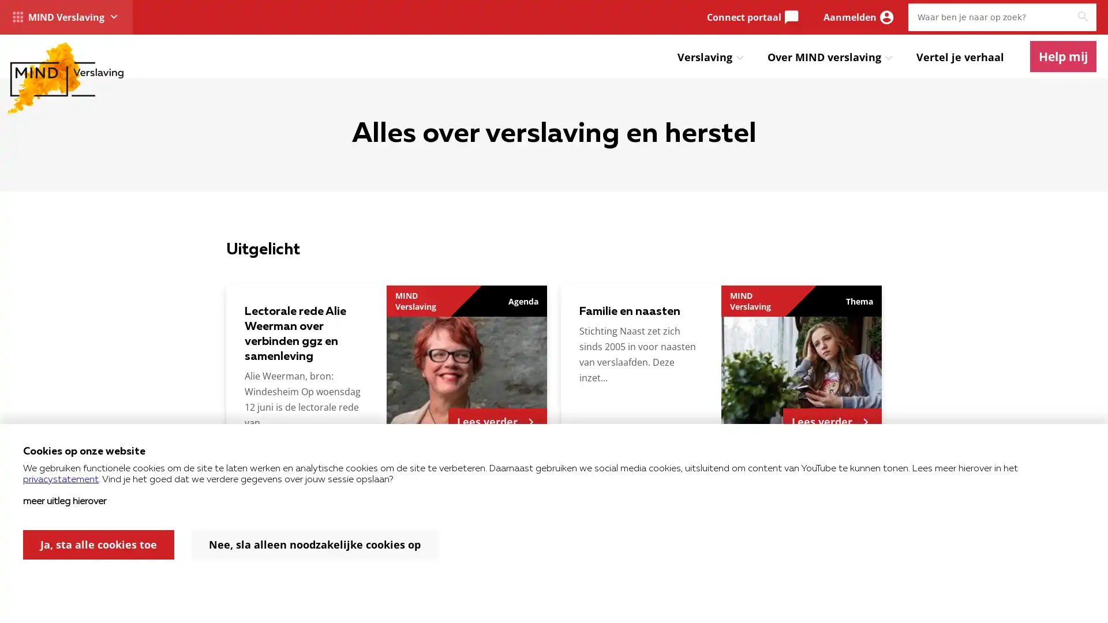  Describe the element at coordinates (99, 545) in the screenshot. I see `Ja, sta alle cookies toe` at that location.